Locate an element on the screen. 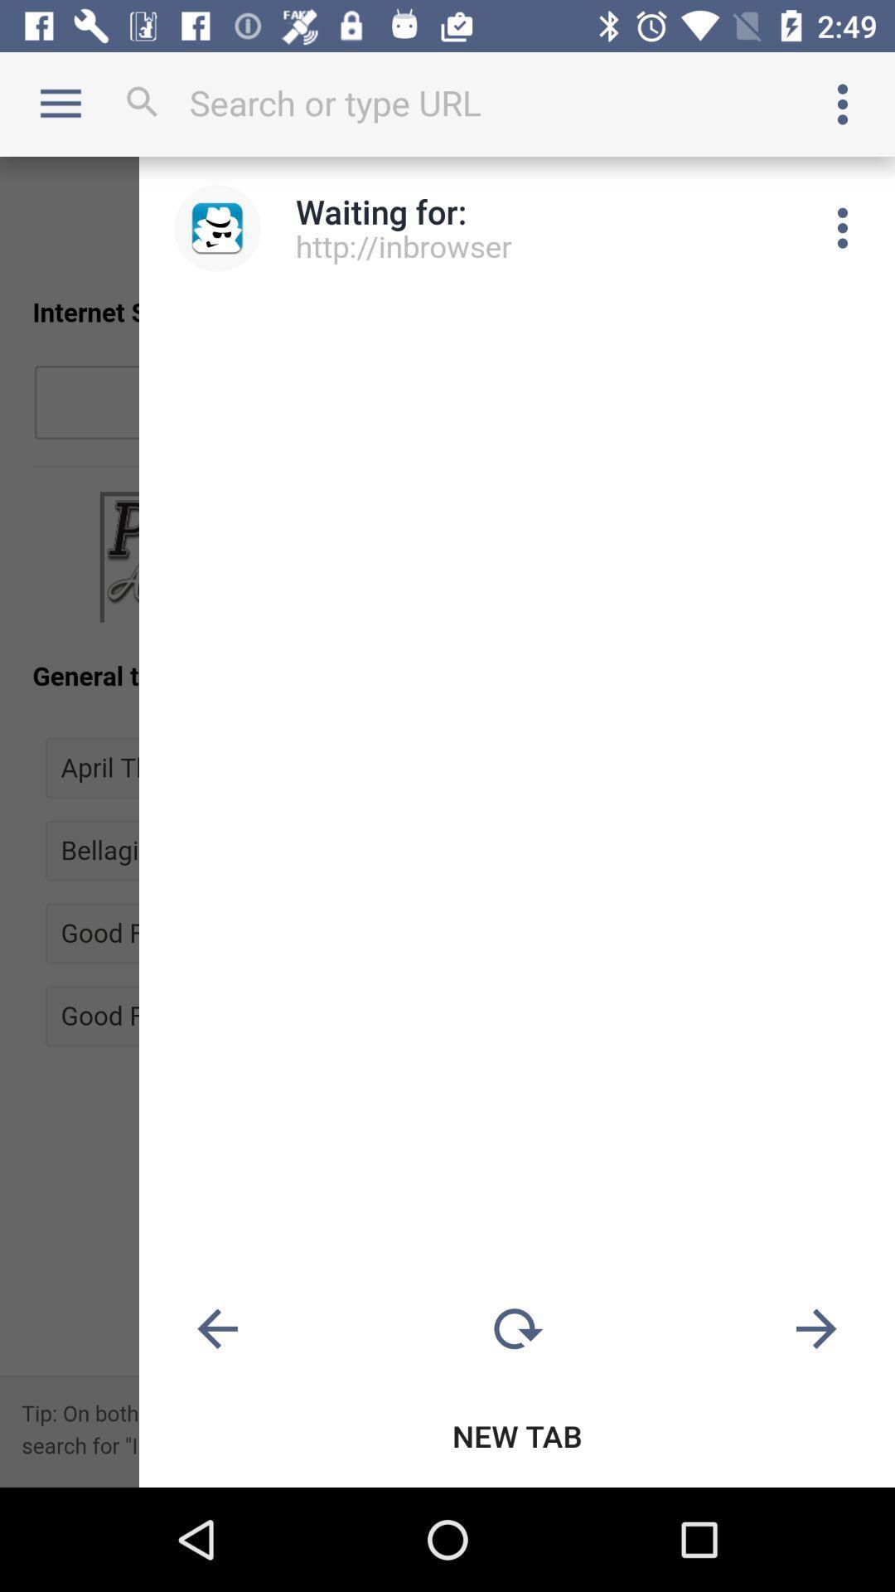 The height and width of the screenshot is (1592, 895). open menu is located at coordinates (843, 227).